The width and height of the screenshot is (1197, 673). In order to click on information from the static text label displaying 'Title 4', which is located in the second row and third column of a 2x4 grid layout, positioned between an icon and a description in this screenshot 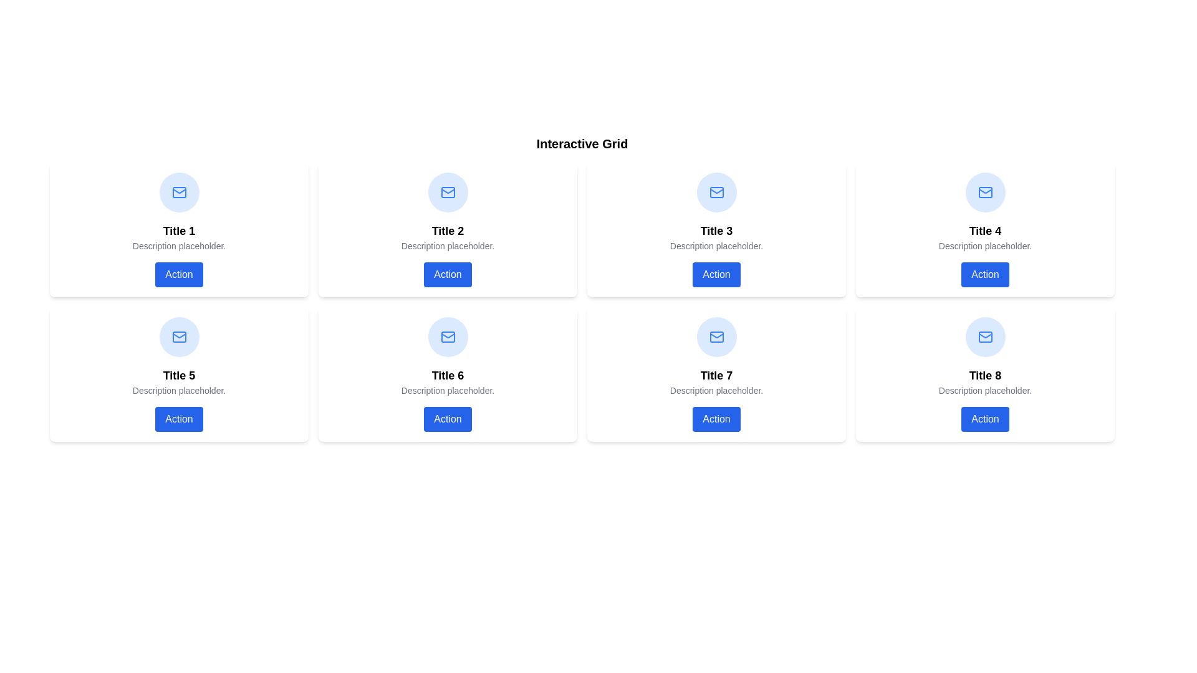, I will do `click(984, 231)`.